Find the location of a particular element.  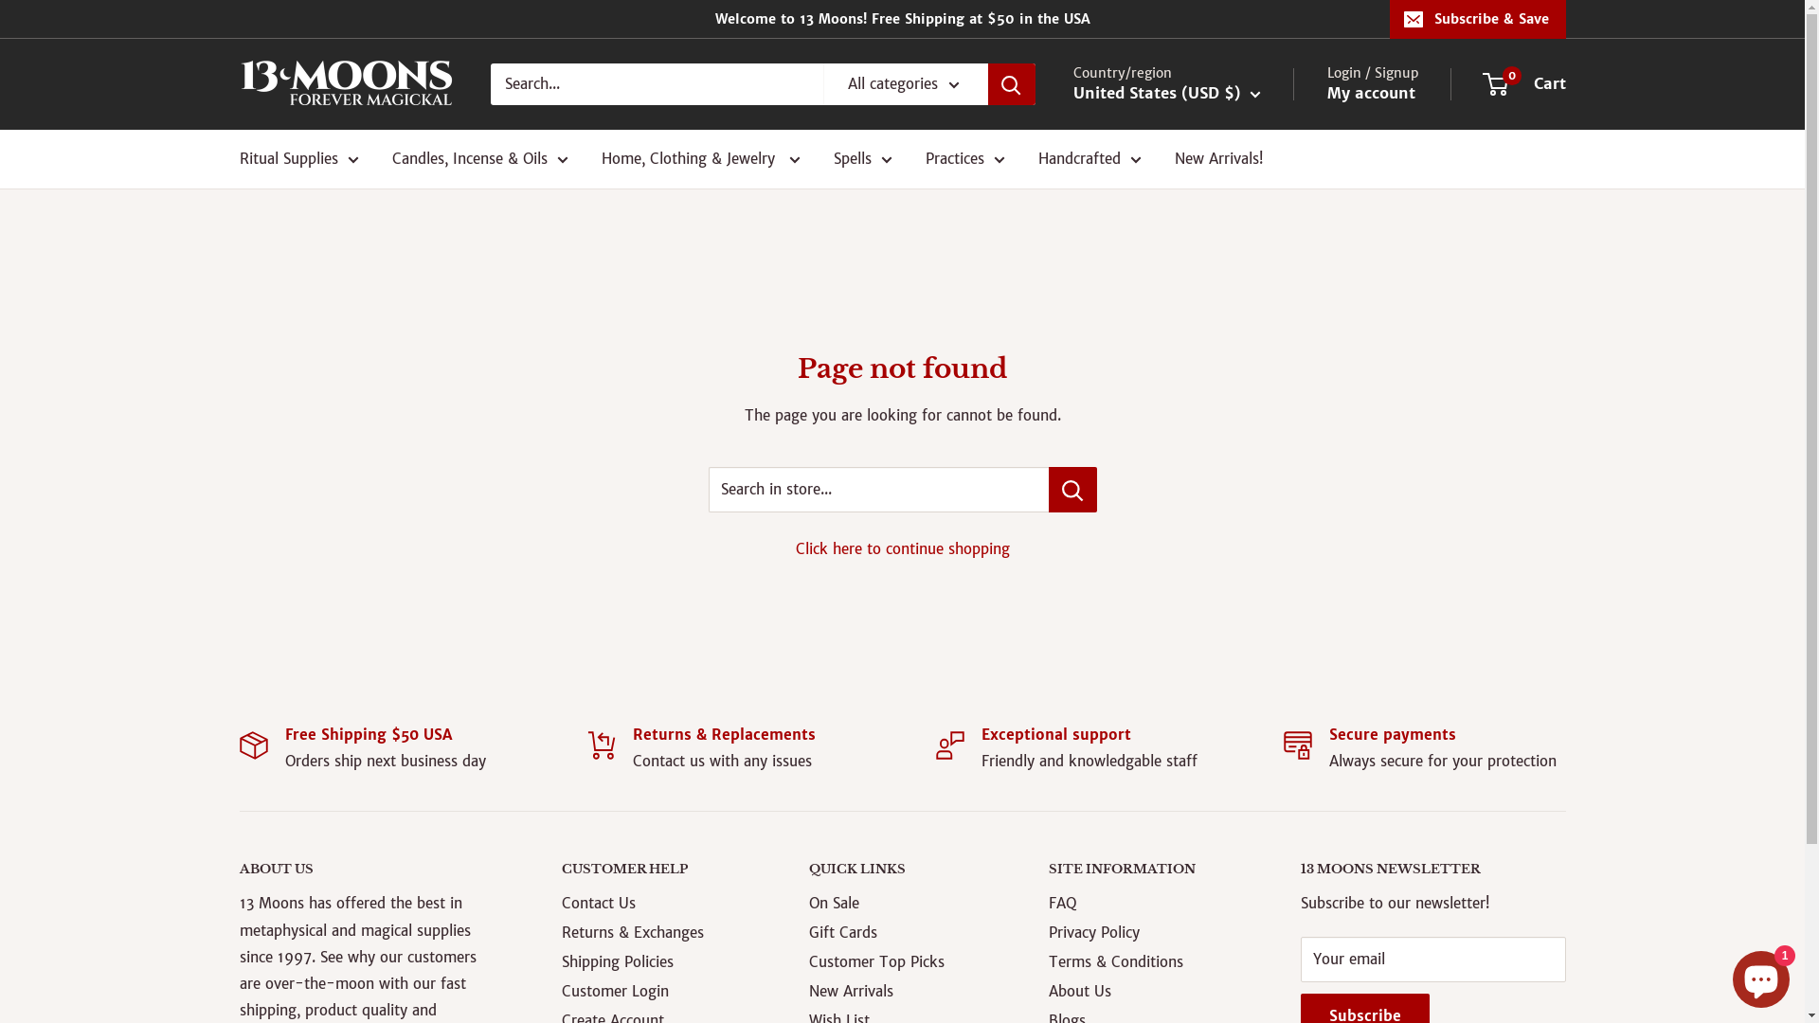

'Shopify online store chat' is located at coordinates (1759, 975).